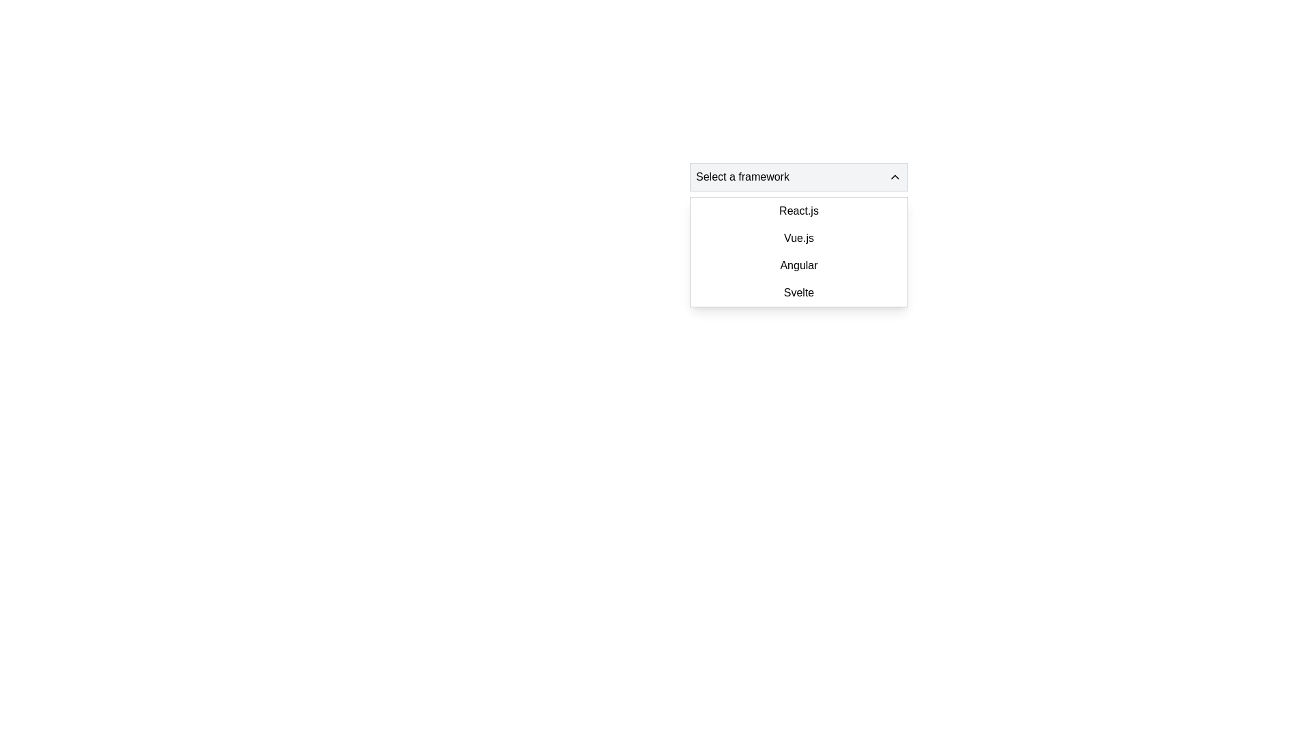 This screenshot has width=1309, height=736. I want to click on the text label displaying 'React.js', so click(798, 211).